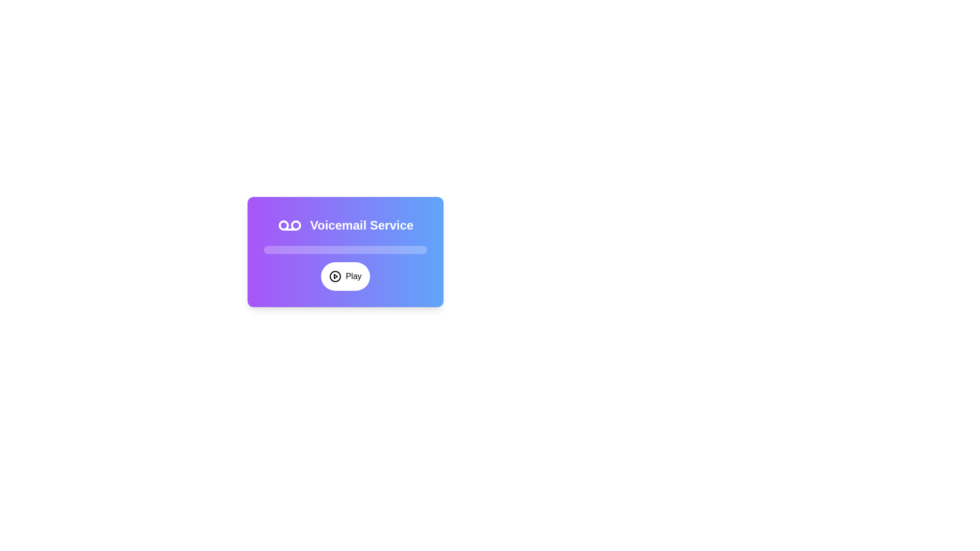 The image size is (980, 551). I want to click on the circular boundary of the play button graphic that is positioned below the text 'Voicemail Service' in the card-like interface, so click(335, 277).